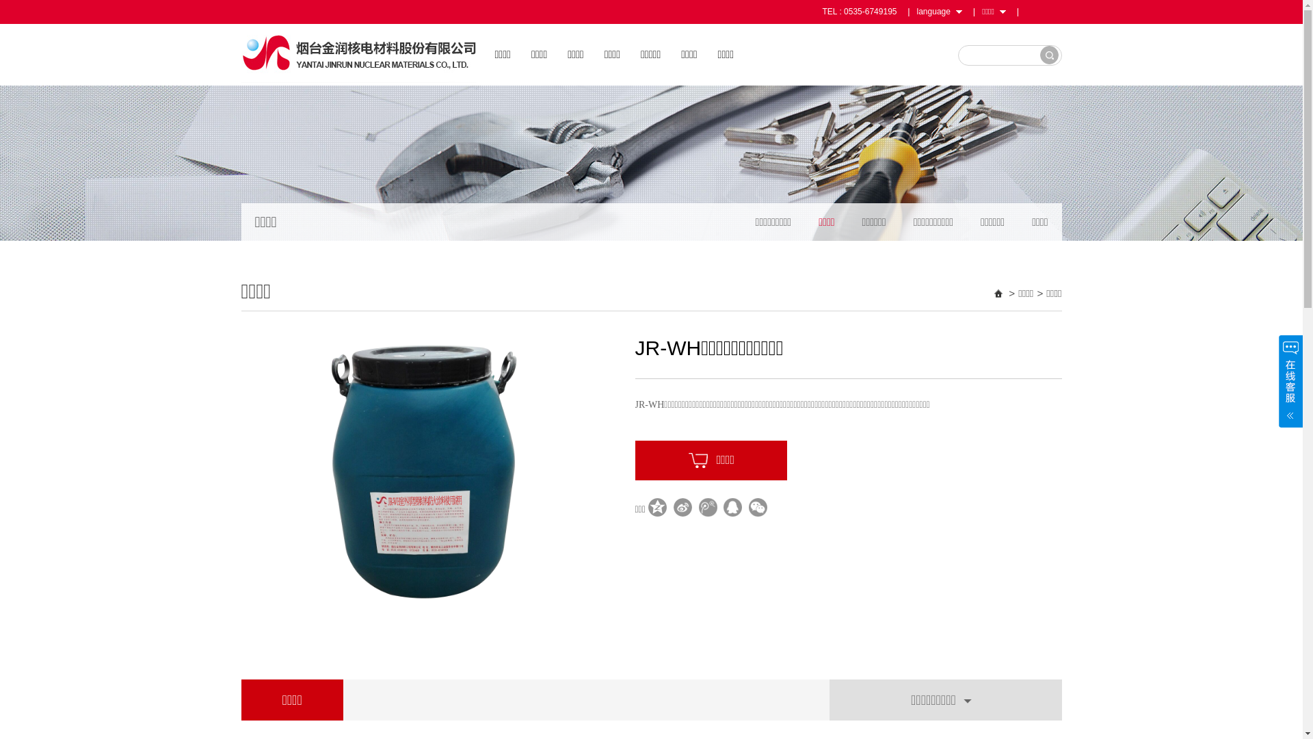 This screenshot has height=739, width=1313. Describe the element at coordinates (869, 11) in the screenshot. I see `'0535-6749195'` at that location.